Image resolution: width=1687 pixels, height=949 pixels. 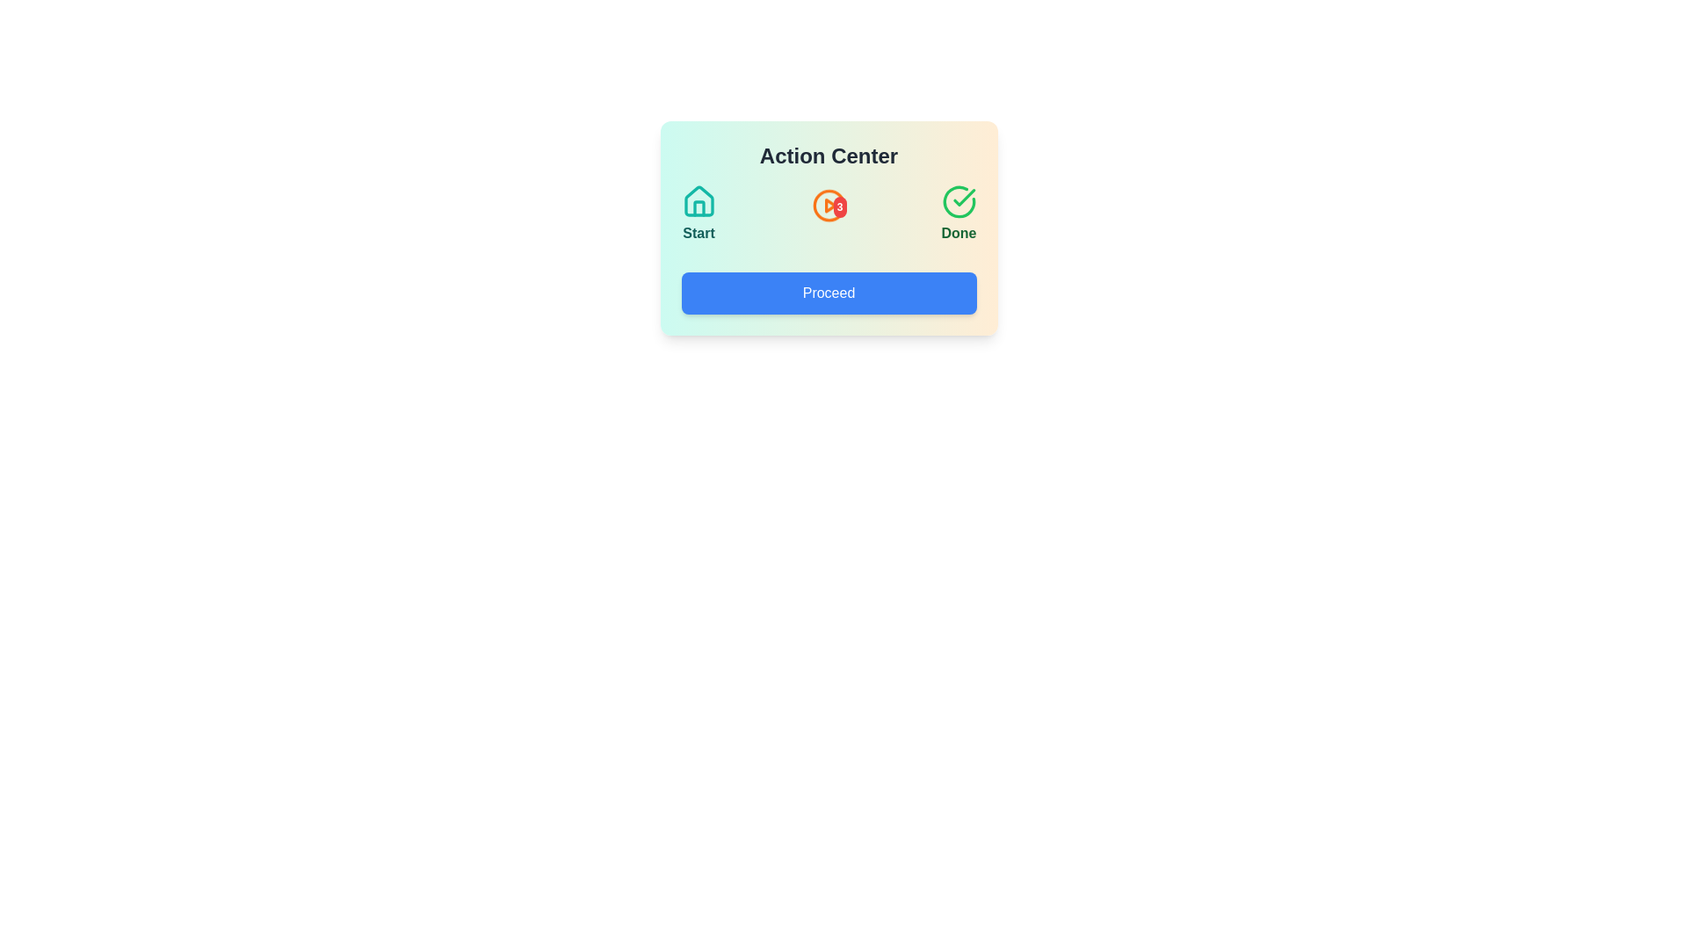 I want to click on the text label within the blue button located at the bottom of the light-colored panel labeled 'Action Center', so click(x=828, y=293).